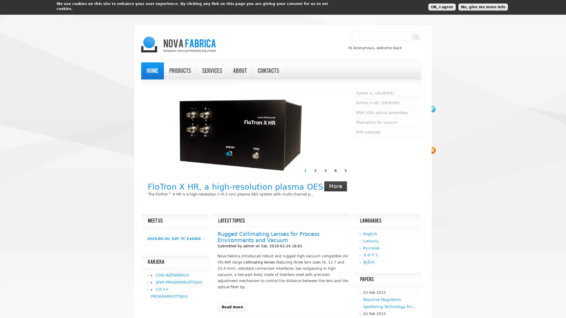 The width and height of the screenshot is (566, 318). What do you see at coordinates (483, 7) in the screenshot?
I see `No, give me more info` at bounding box center [483, 7].